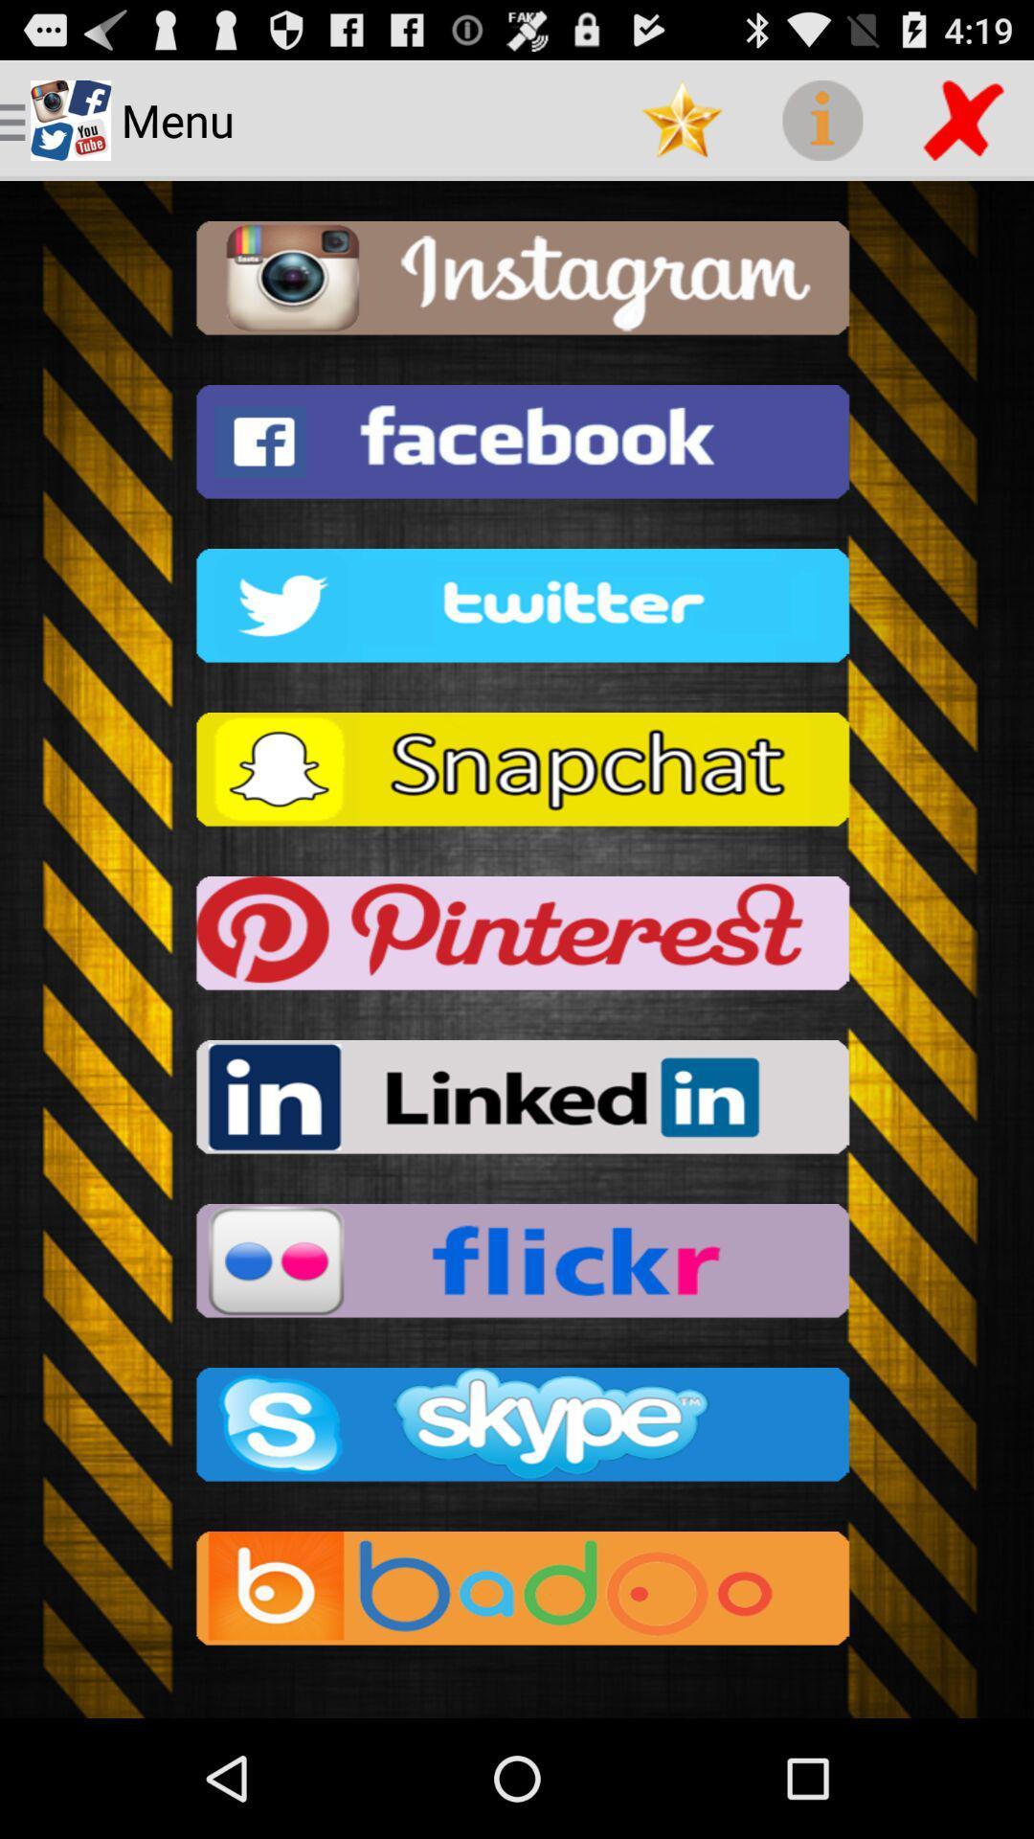  I want to click on click instagram option, so click(517, 283).